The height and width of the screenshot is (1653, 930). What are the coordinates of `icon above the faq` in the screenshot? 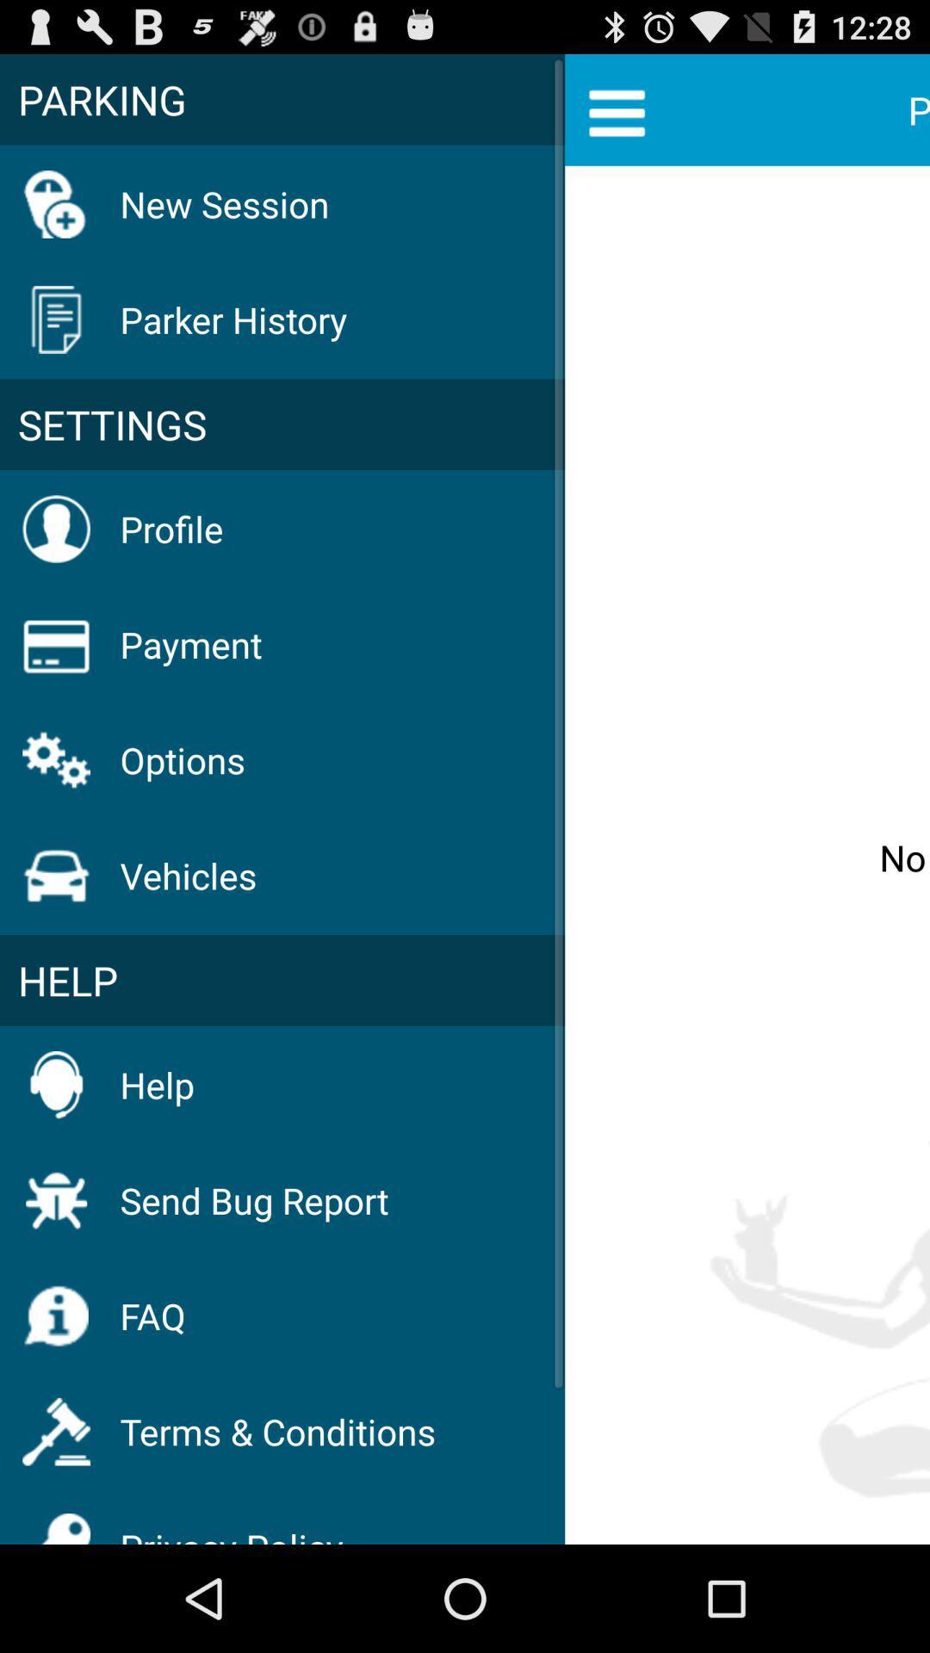 It's located at (254, 1199).